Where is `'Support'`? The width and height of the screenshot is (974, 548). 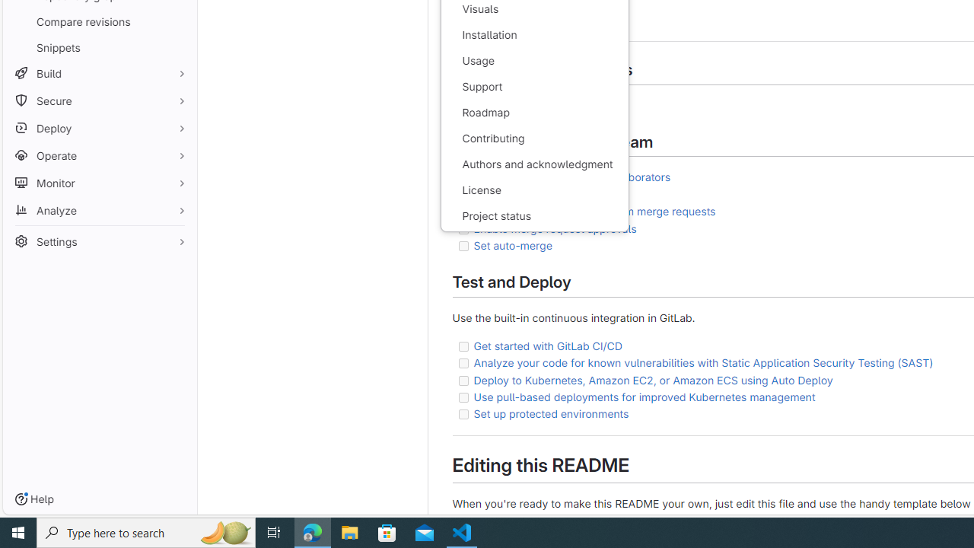 'Support' is located at coordinates (534, 87).